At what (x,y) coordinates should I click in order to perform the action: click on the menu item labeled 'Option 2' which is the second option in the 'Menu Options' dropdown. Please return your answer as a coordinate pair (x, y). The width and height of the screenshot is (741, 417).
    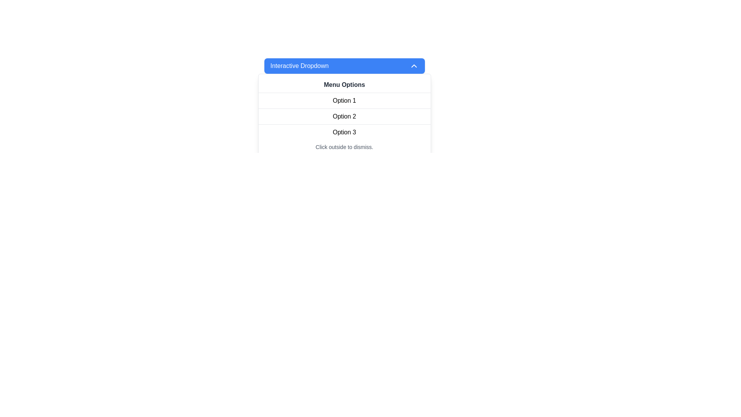
    Looking at the image, I should click on (344, 116).